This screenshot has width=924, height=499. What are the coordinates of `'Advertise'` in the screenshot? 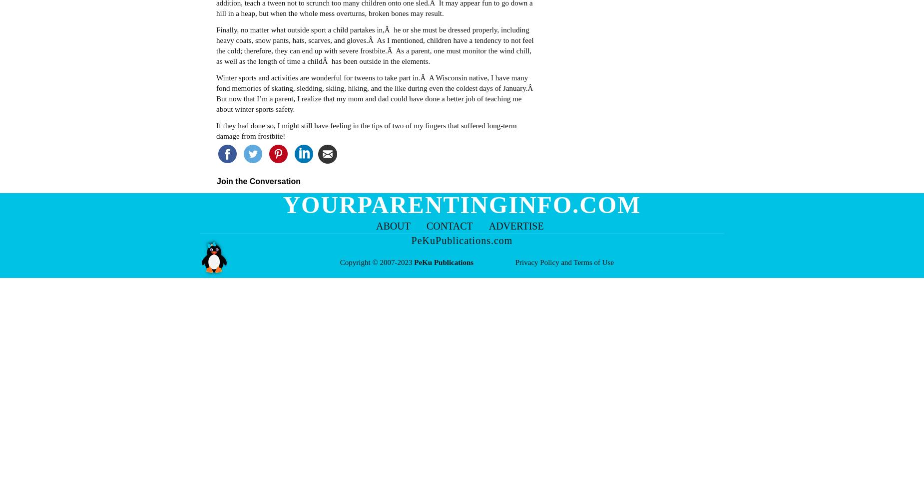 It's located at (515, 226).